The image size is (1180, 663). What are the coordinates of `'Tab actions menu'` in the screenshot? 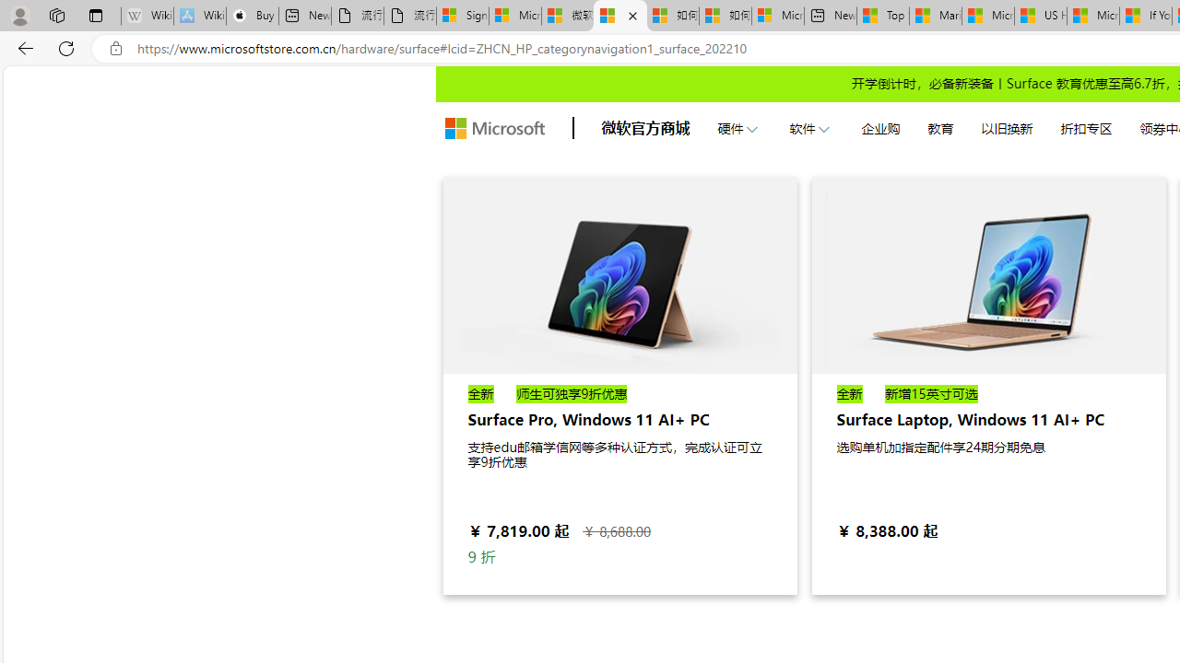 It's located at (95, 15).